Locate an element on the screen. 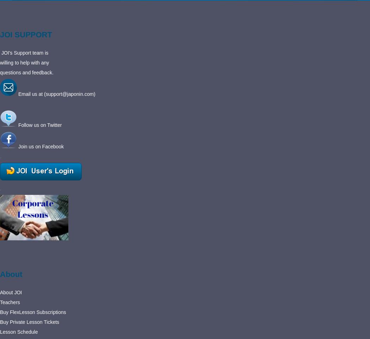  'Facebook' is located at coordinates (53, 146).